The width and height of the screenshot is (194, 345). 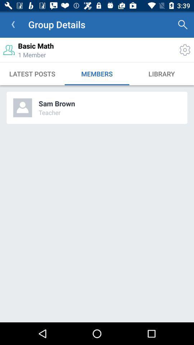 What do you see at coordinates (185, 50) in the screenshot?
I see `open app settings` at bounding box center [185, 50].